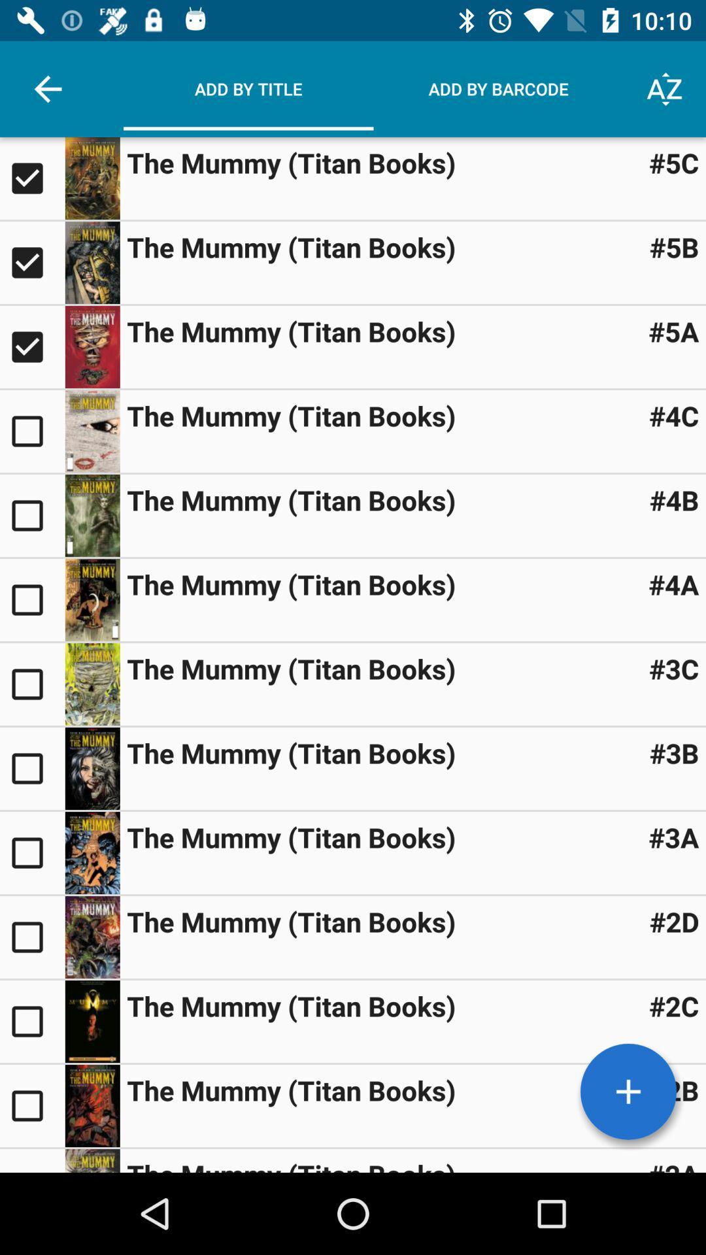 This screenshot has width=706, height=1255. I want to click on book information, so click(92, 599).